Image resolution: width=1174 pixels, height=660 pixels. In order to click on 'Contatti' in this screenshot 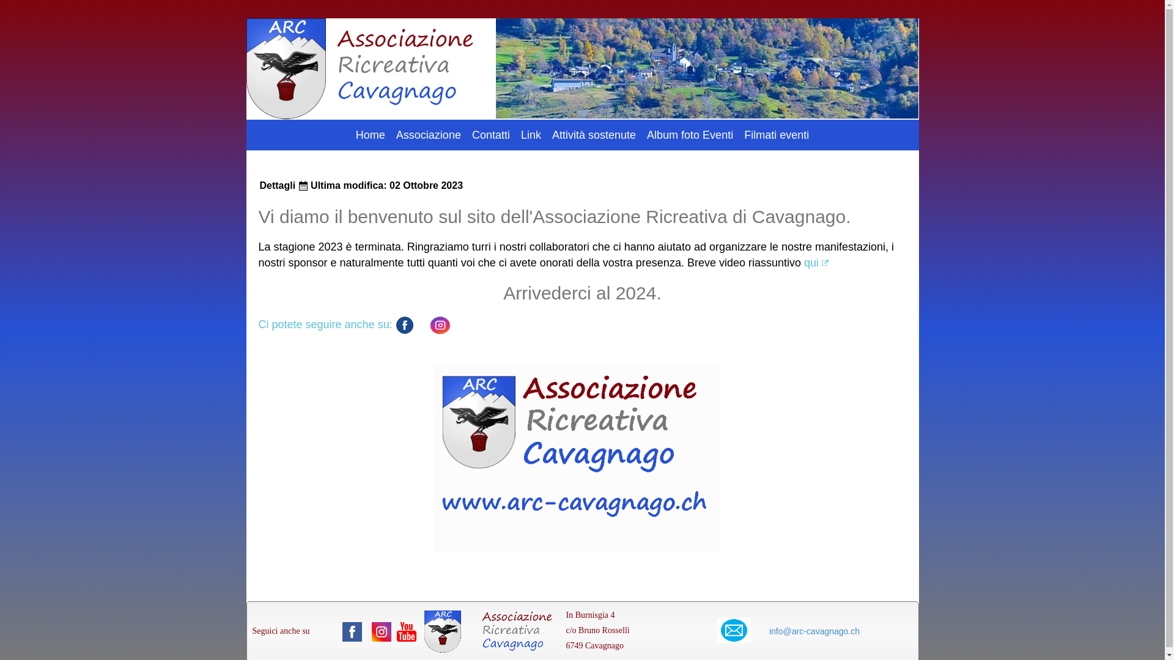, I will do `click(490, 134)`.